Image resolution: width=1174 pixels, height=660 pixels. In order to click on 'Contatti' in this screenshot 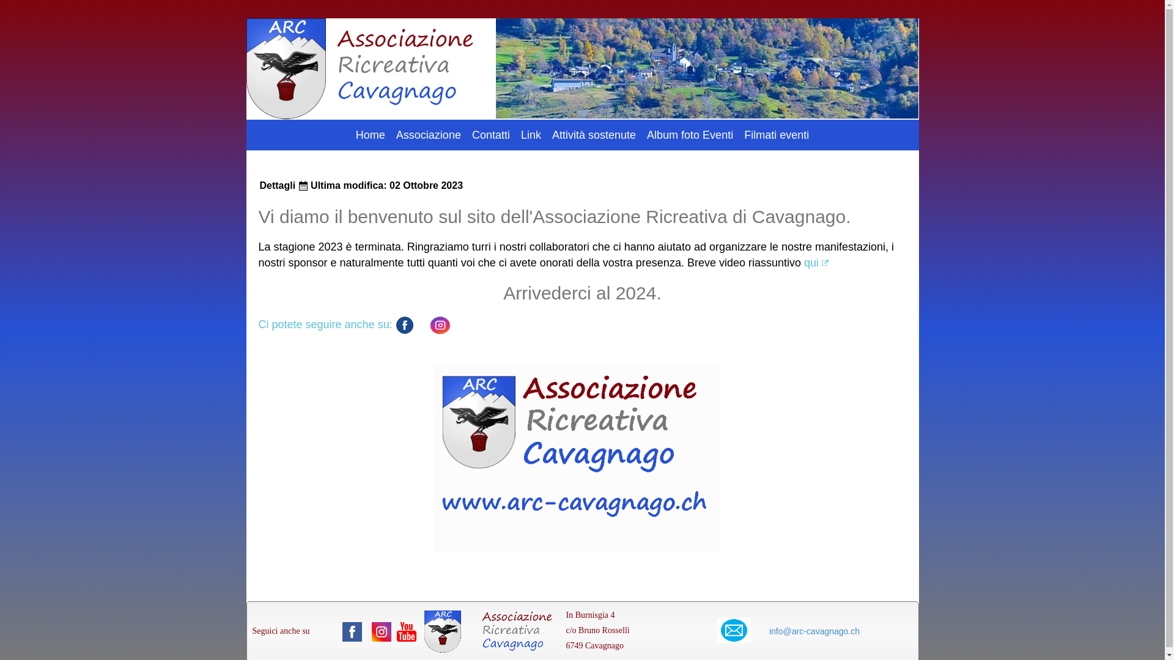, I will do `click(490, 134)`.